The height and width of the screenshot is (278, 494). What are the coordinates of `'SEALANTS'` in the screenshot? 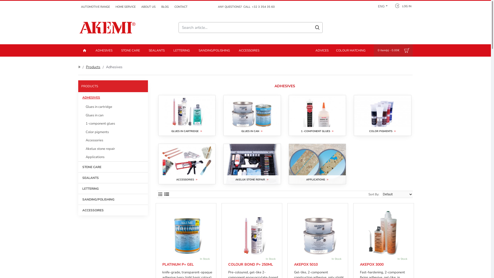 It's located at (113, 177).